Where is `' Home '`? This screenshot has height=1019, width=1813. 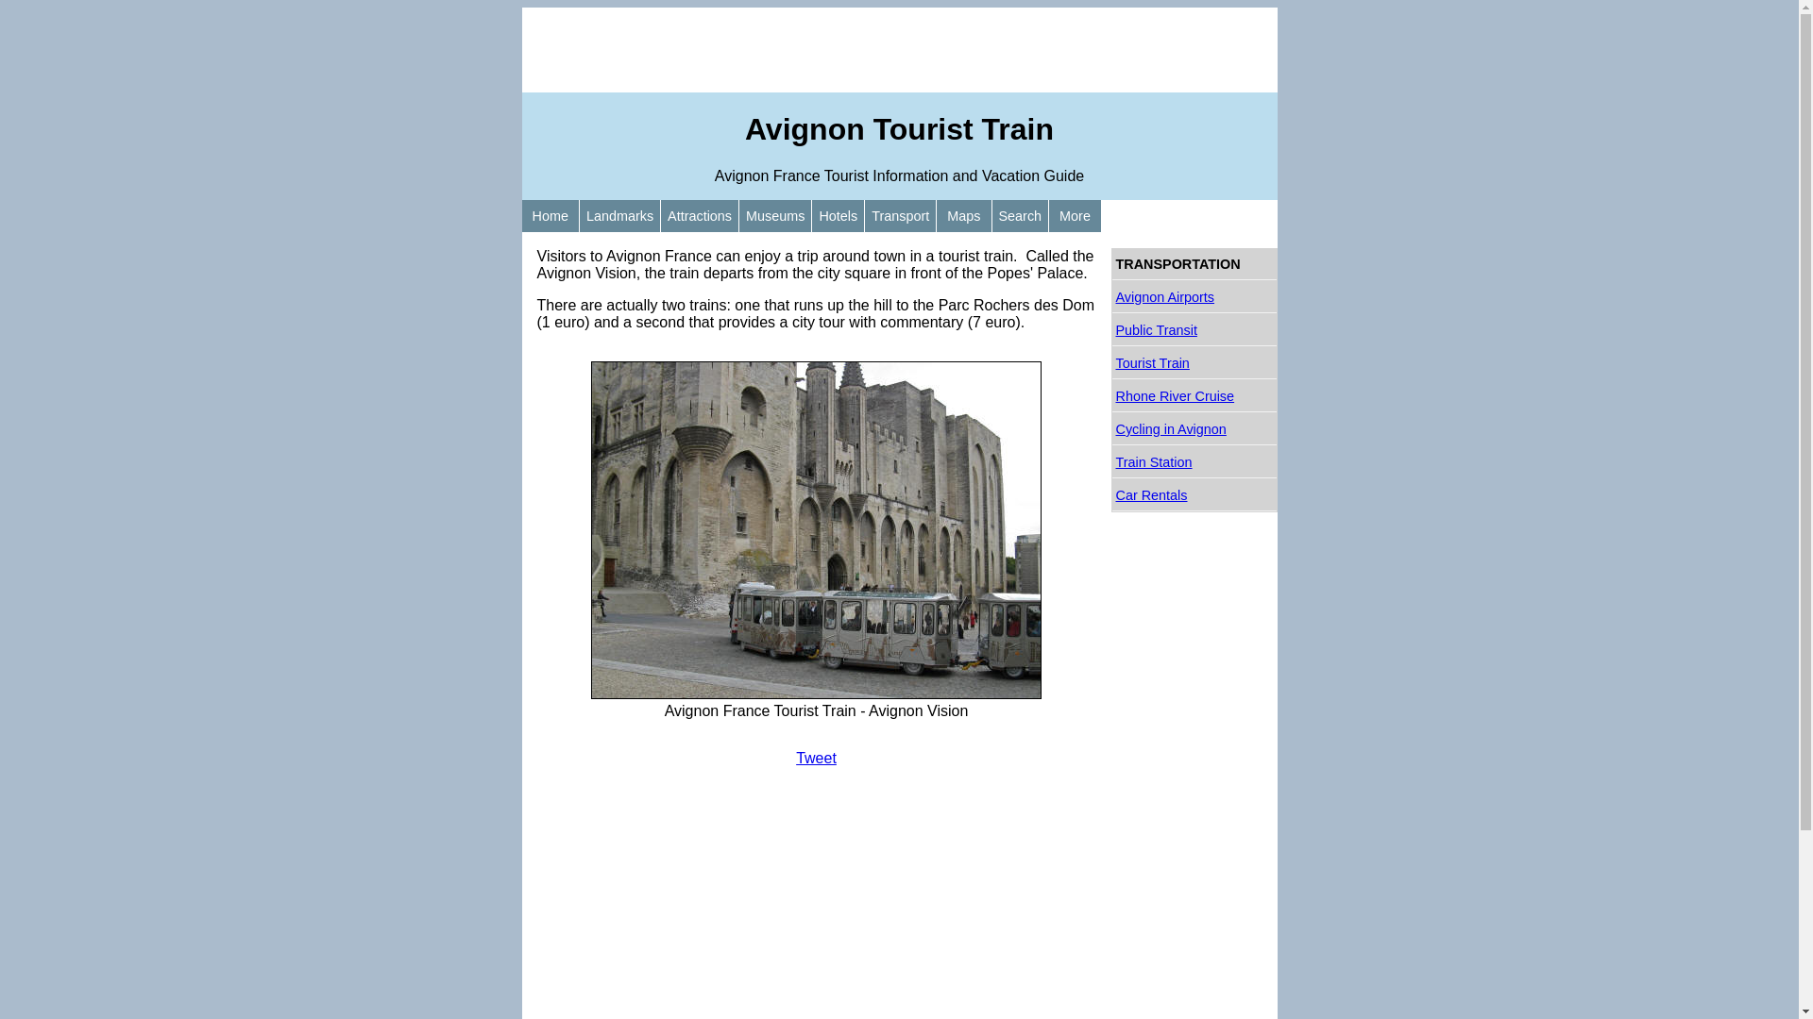 ' Home ' is located at coordinates (548, 214).